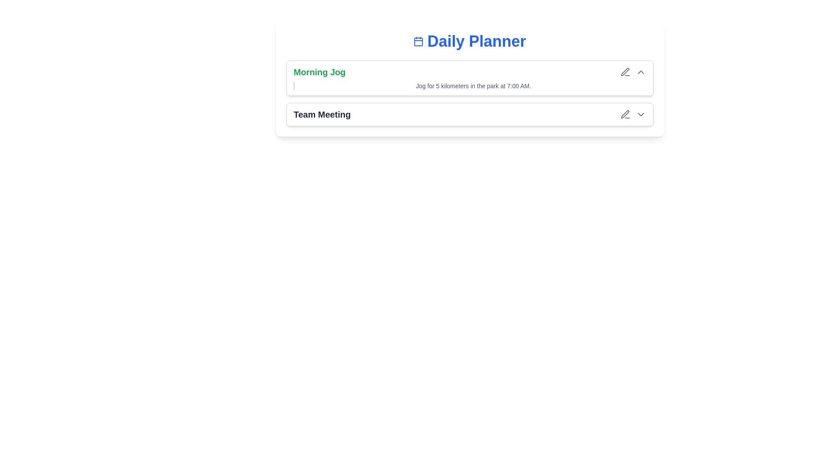 The image size is (831, 467). Describe the element at coordinates (473, 86) in the screenshot. I see `text label that contains 'Jog for 5 kilometers in the park at 7:00 AM.' located in the 'Morning Jog' section of the daily planner interface` at that location.